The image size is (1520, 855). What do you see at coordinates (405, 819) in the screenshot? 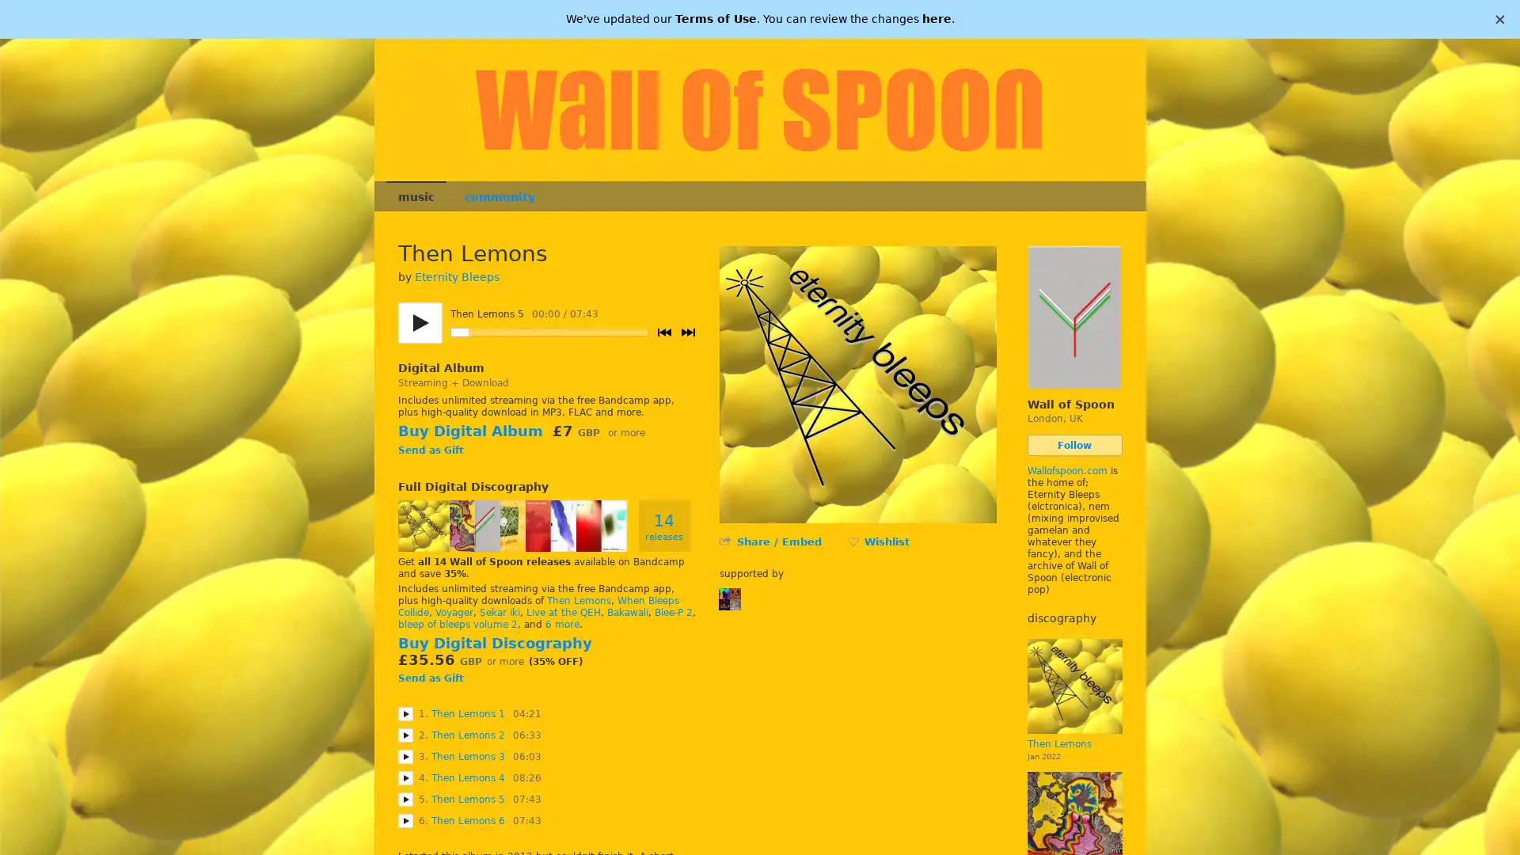
I see `Play Then Lemons 6` at bounding box center [405, 819].